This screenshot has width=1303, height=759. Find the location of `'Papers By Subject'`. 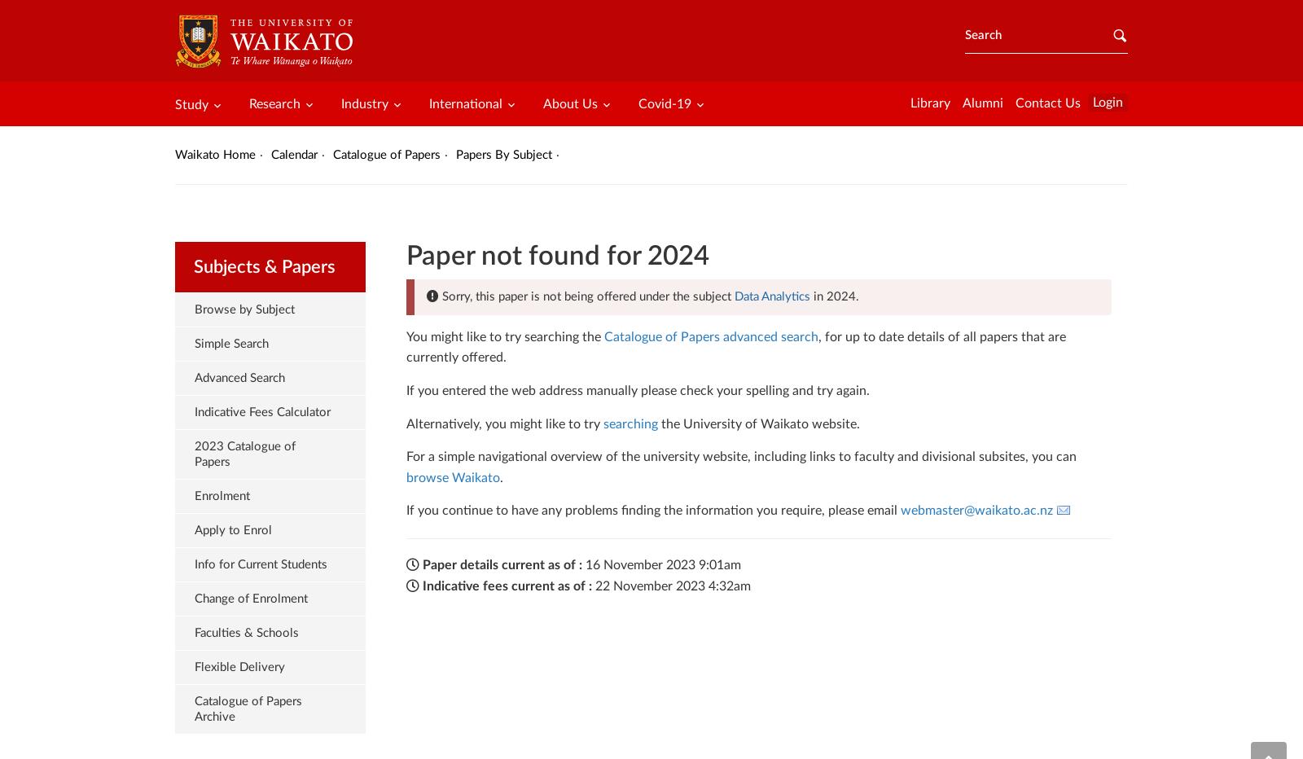

'Papers By Subject' is located at coordinates (504, 155).